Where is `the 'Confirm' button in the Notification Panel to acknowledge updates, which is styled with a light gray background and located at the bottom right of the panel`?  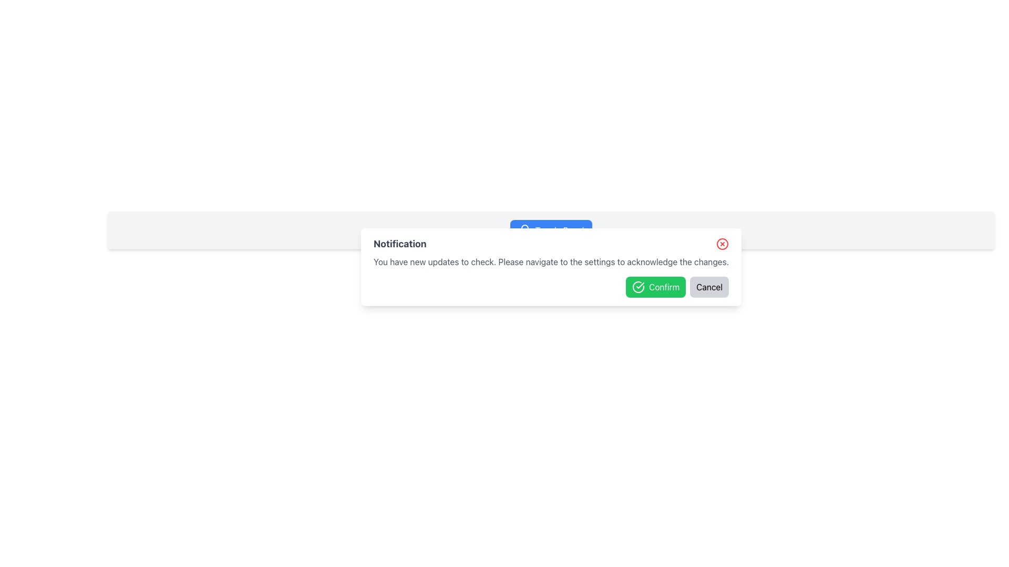
the 'Confirm' button in the Notification Panel to acknowledge updates, which is styled with a light gray background and located at the bottom right of the panel is located at coordinates (551, 230).